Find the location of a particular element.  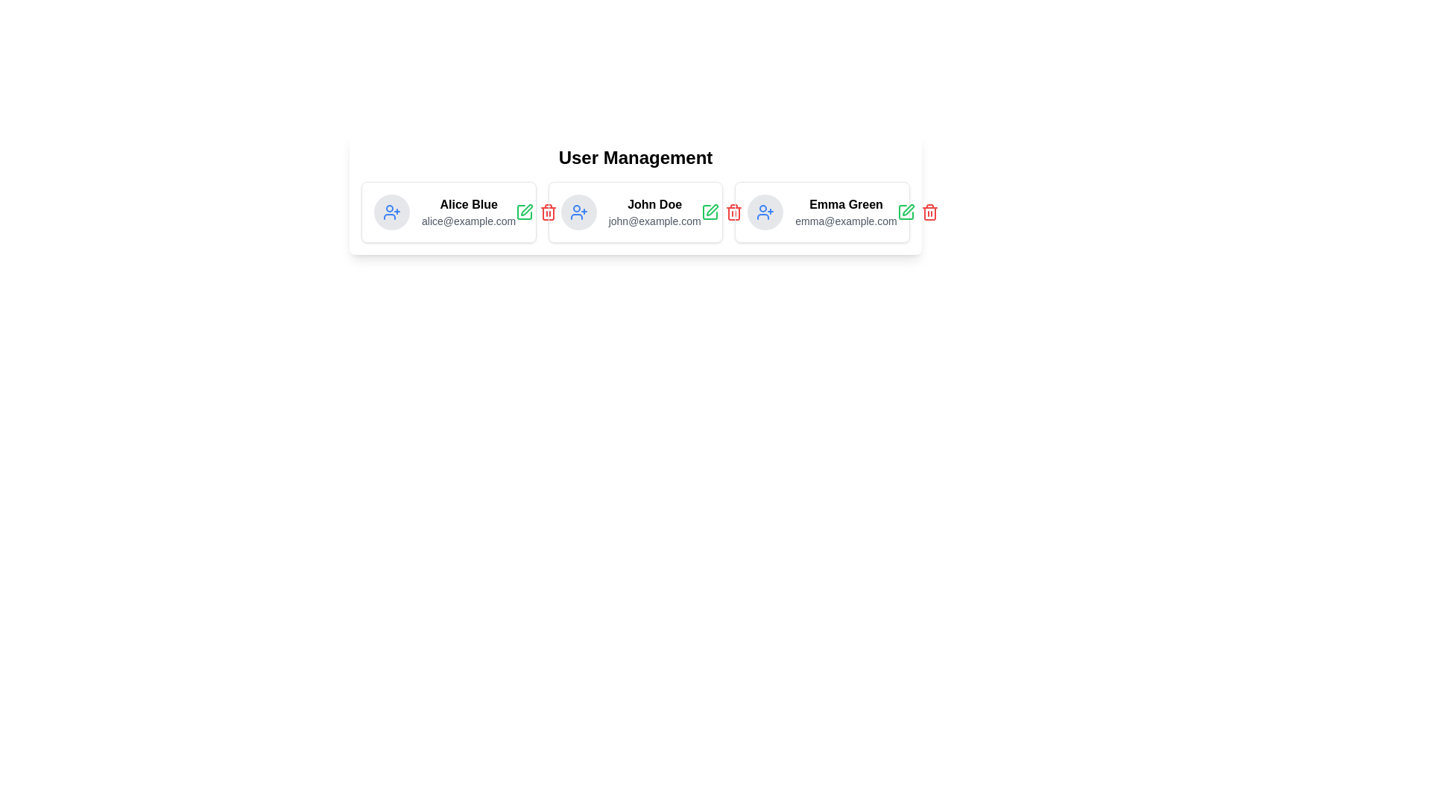

user's name and email address displayed in the text component of the user card, which is located to the right of the circular avatar icon is located at coordinates (468, 212).